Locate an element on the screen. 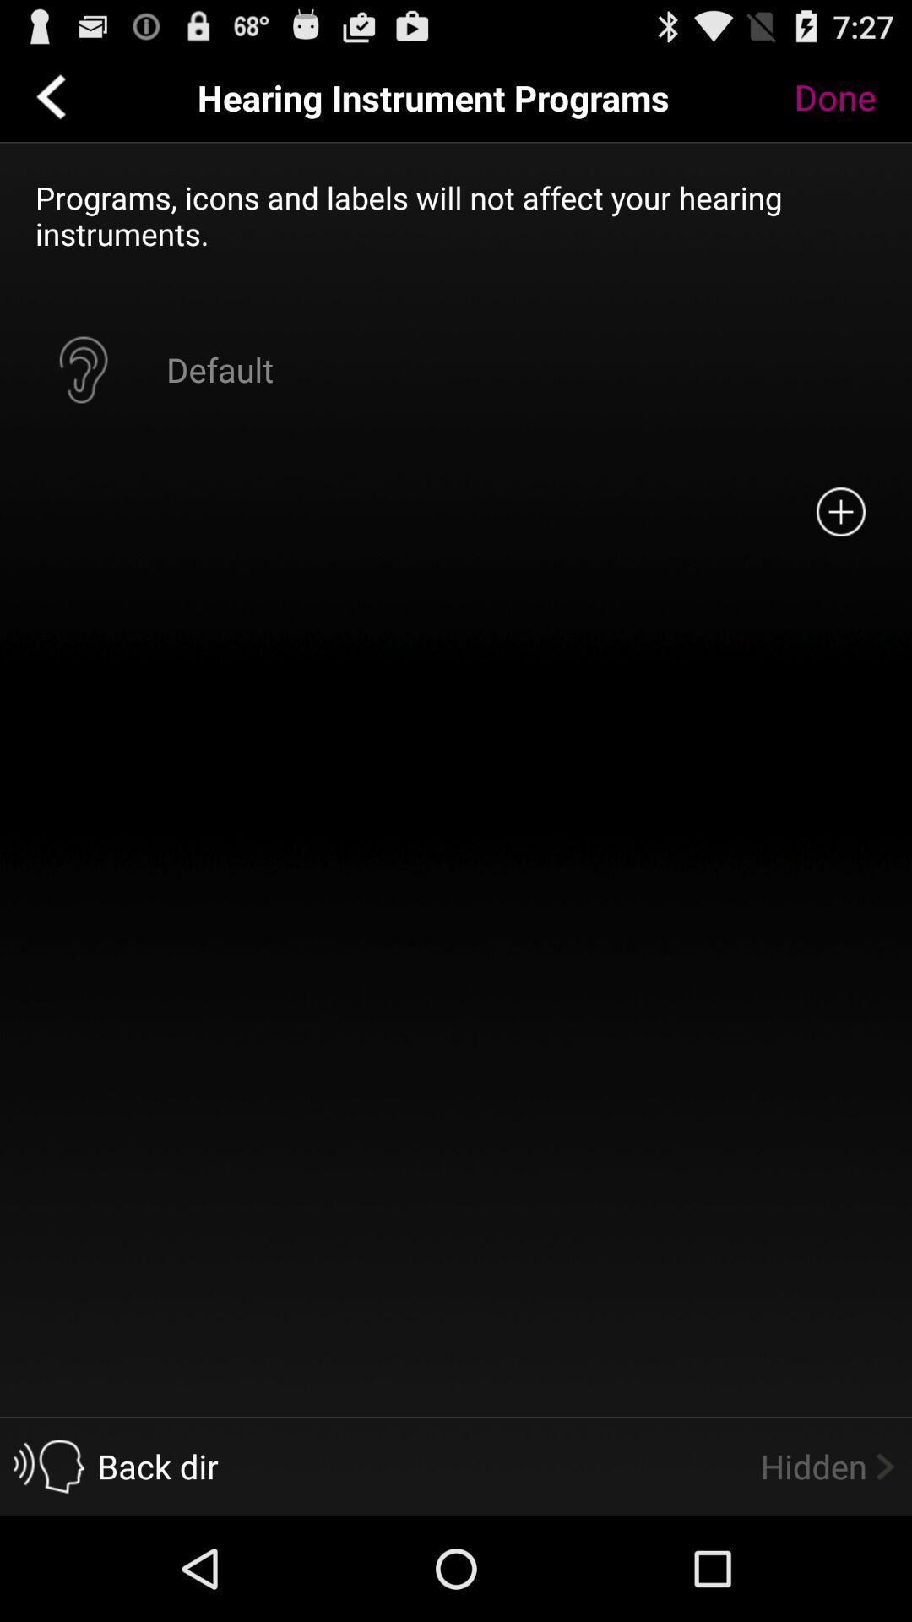 This screenshot has height=1622, width=912. the add icon is located at coordinates (840, 547).